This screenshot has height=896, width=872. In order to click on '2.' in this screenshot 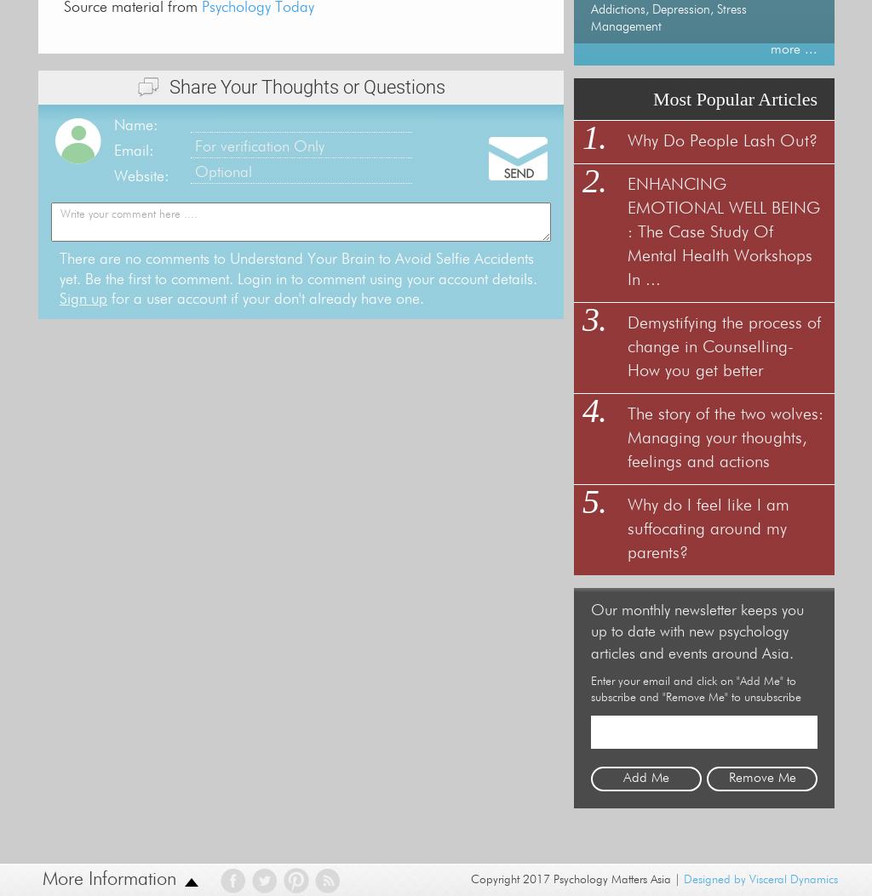, I will do `click(594, 180)`.